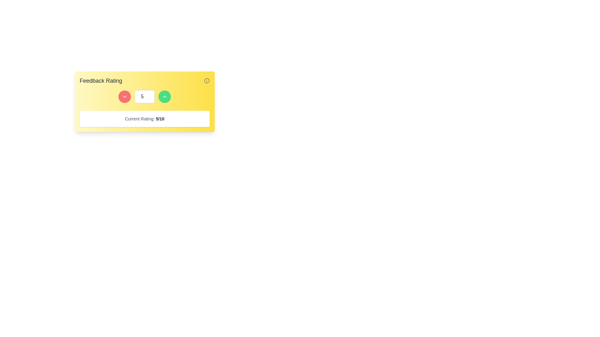  I want to click on the Text Label that serves as a heading for the feedback rating section, positioned at the top-left corner of the yellow rectangular card interface, so click(101, 80).